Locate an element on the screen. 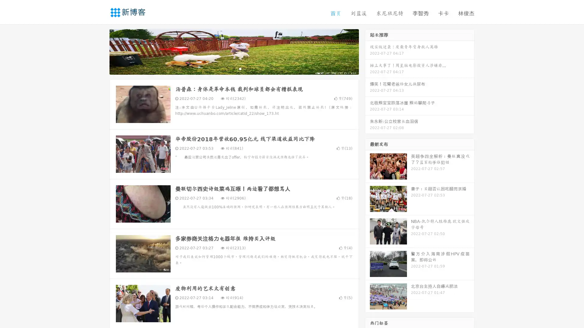 The image size is (584, 328). Previous slide is located at coordinates (100, 51).